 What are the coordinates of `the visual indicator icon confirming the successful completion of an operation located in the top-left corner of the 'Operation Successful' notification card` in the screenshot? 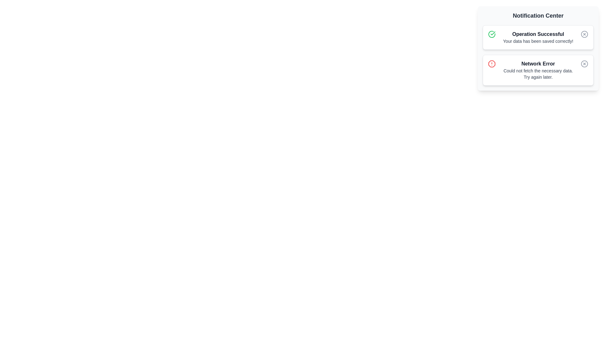 It's located at (491, 34).